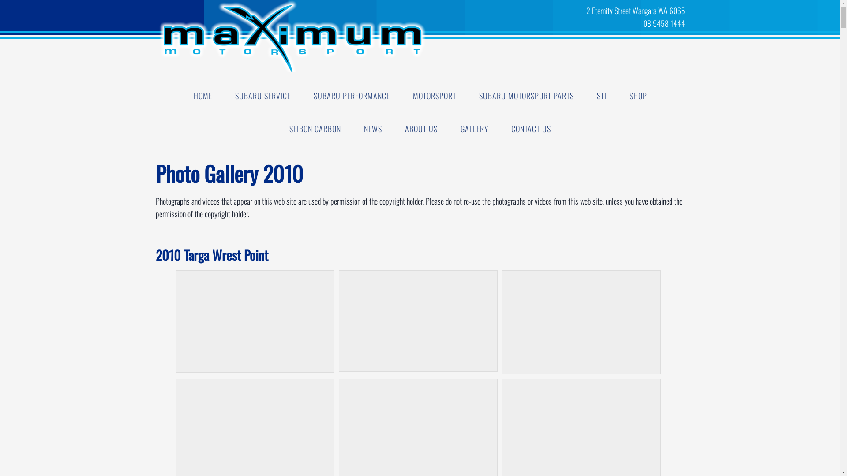  I want to click on 'SEIBON CARBON', so click(315, 129).